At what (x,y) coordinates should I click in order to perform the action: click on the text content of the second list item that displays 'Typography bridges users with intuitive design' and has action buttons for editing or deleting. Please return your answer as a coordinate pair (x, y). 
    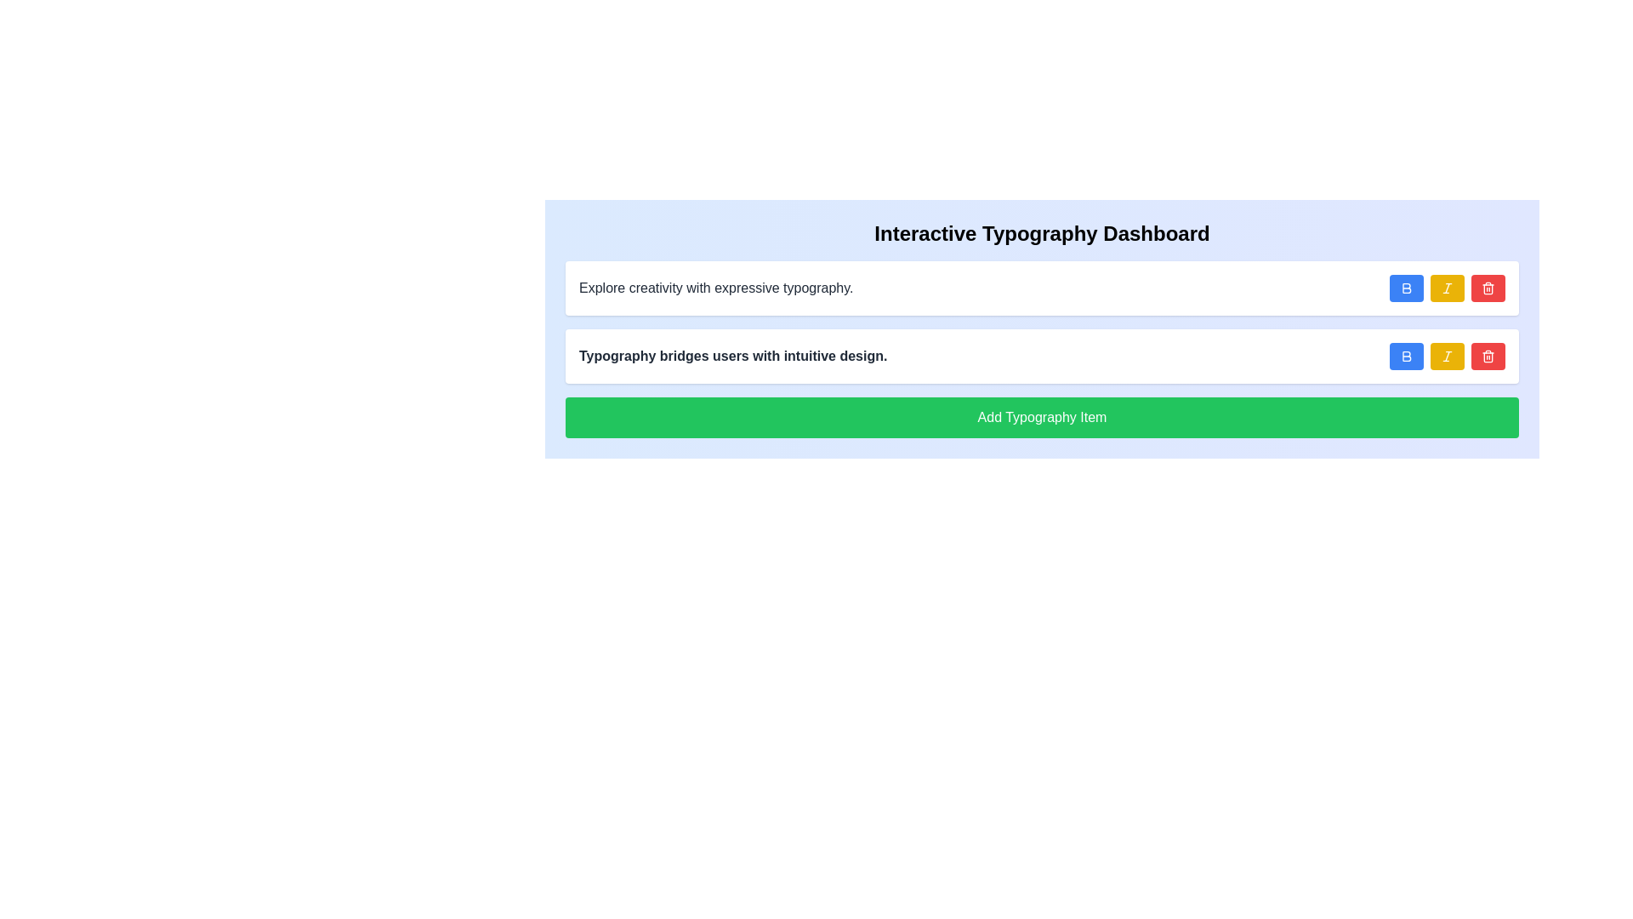
    Looking at the image, I should click on (1041, 356).